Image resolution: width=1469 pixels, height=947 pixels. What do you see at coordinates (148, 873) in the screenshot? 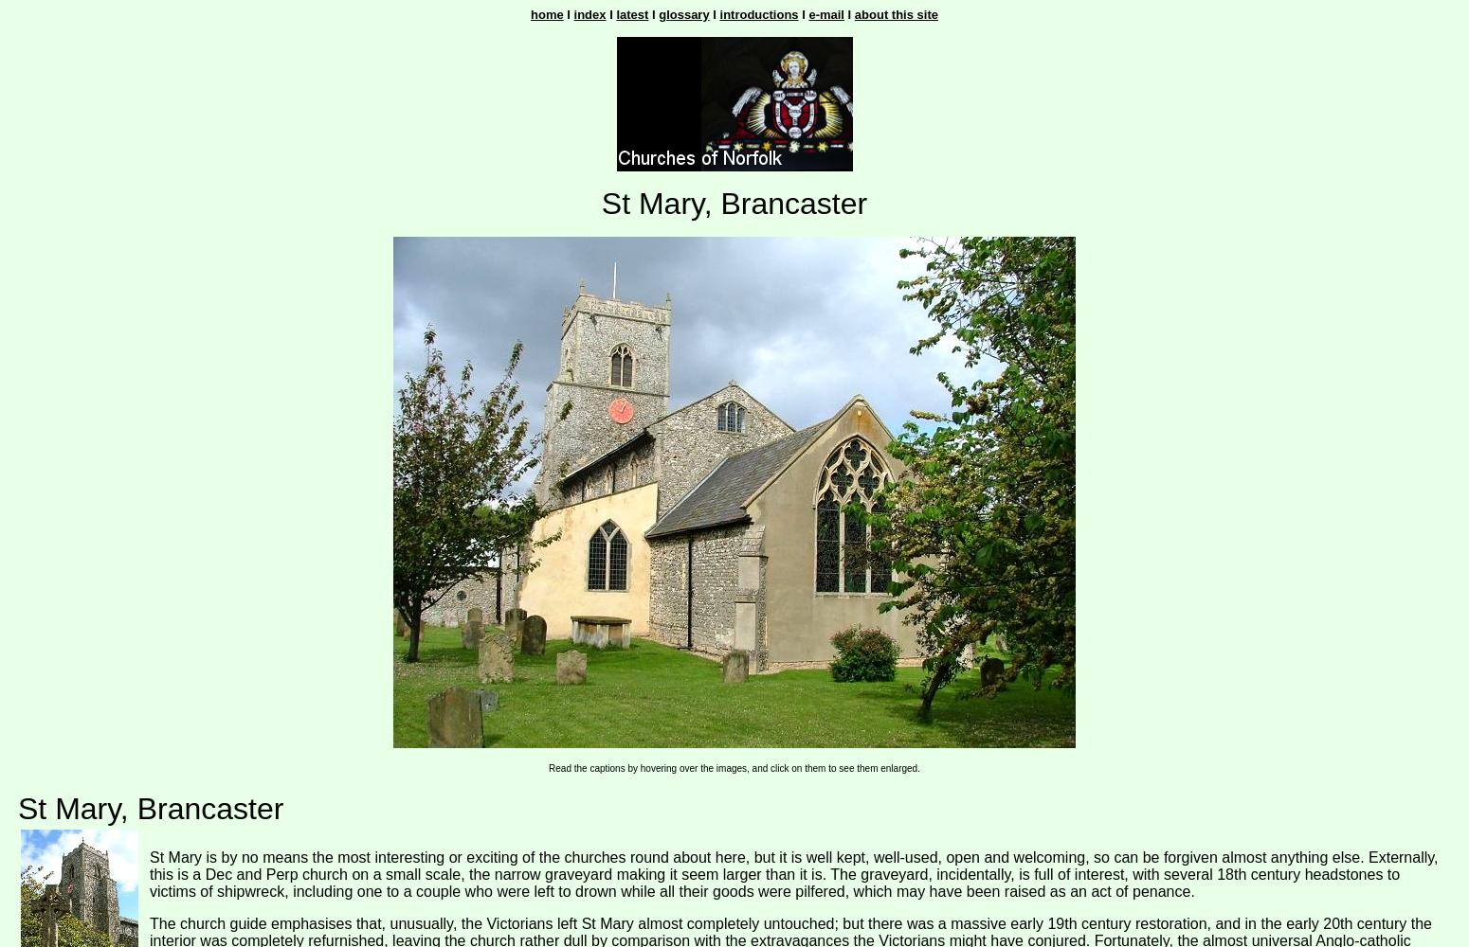
I see `'St
                Mary is by no means the most interesting or
                exciting of the churches round about here, but it
                is well kept, well-used, open and welcoming, so
                can be forgiven almost anything else. Externally,
                this is a Dec and Perp church on a small scale,
                the narrow graveyard making it seem larger than
                it is. The graveyard, incidentally, is full of
                interest, with several 18th century headstones to
                victims of shipwreck, including one to a couple
                who were left to drown while all their goods were
                pilfered, which may have been raised as an act of
                penance.'` at bounding box center [148, 873].